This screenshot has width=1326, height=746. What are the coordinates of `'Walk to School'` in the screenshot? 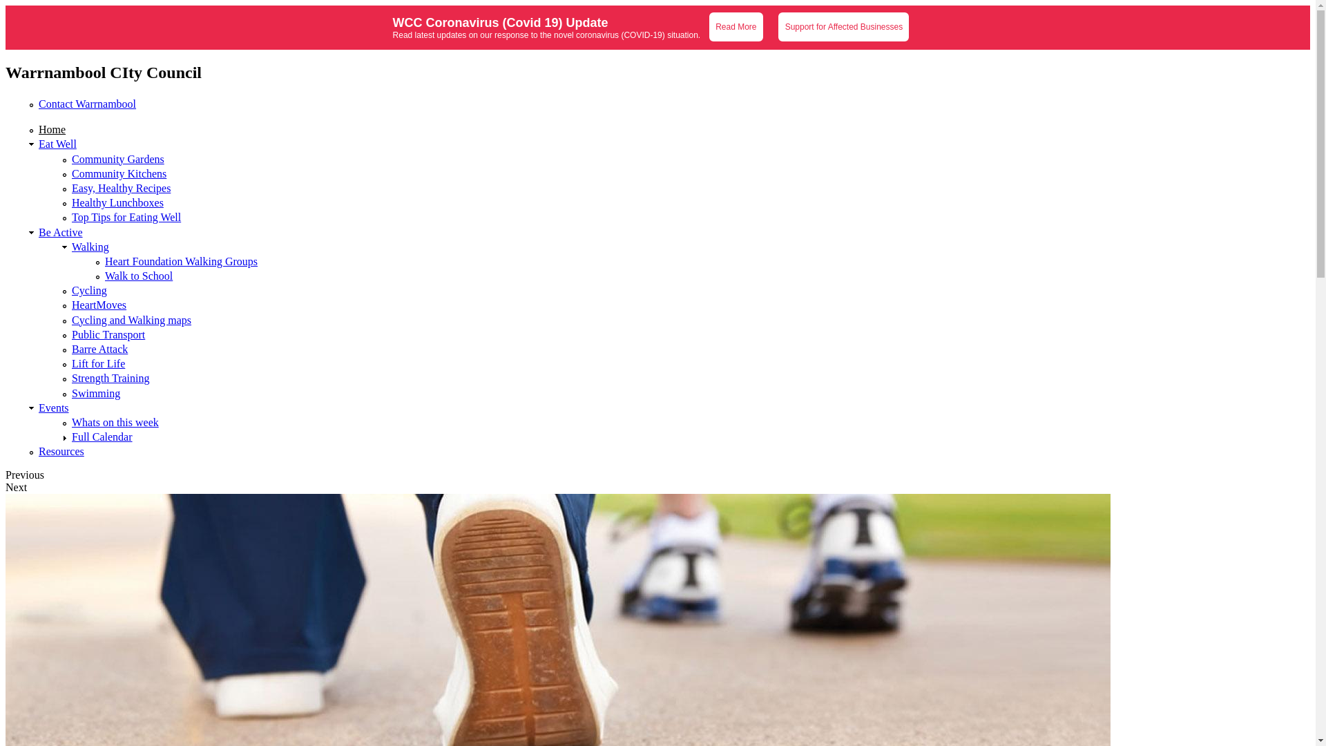 It's located at (104, 276).